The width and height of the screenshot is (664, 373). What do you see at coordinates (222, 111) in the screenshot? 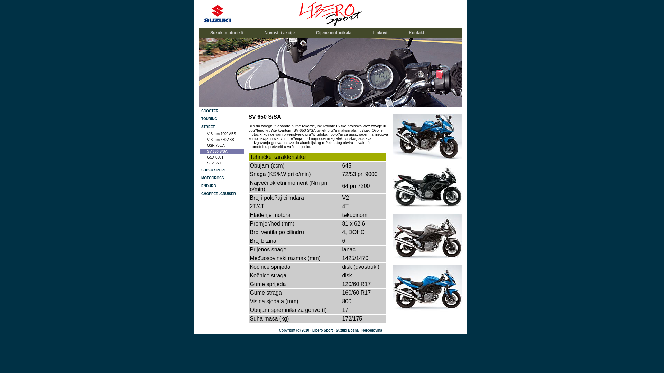
I see `'SCOOTER'` at bounding box center [222, 111].